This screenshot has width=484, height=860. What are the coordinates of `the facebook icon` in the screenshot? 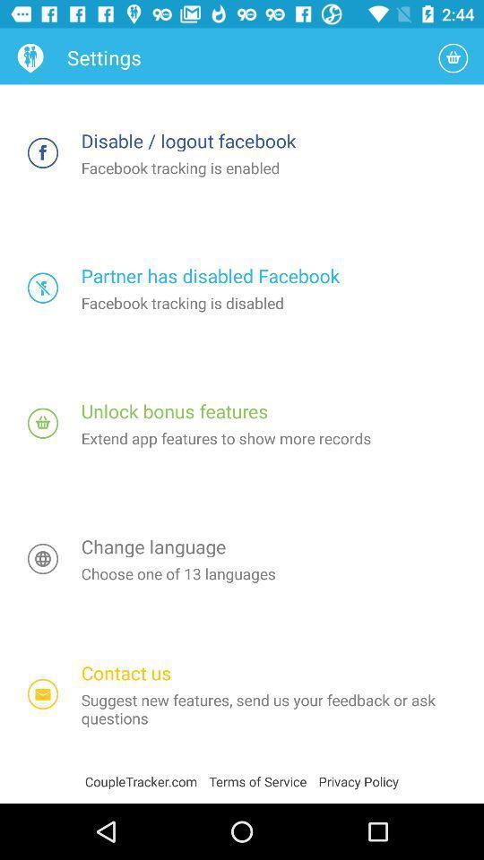 It's located at (43, 151).